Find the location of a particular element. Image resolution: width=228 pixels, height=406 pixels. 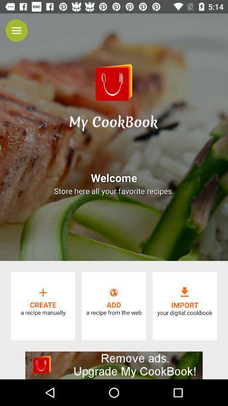

menu items is located at coordinates (16, 30).